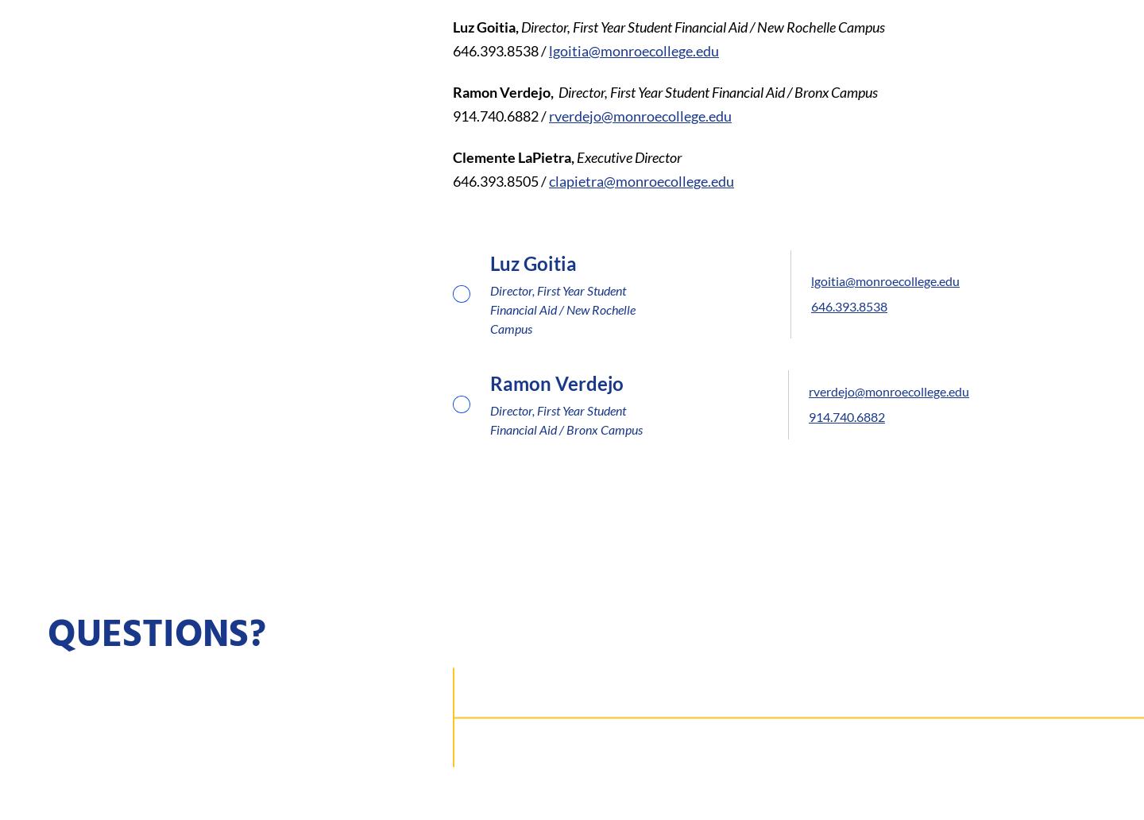 The height and width of the screenshot is (820, 1144). Describe the element at coordinates (504, 91) in the screenshot. I see `'Ramon Verdejo,'` at that location.